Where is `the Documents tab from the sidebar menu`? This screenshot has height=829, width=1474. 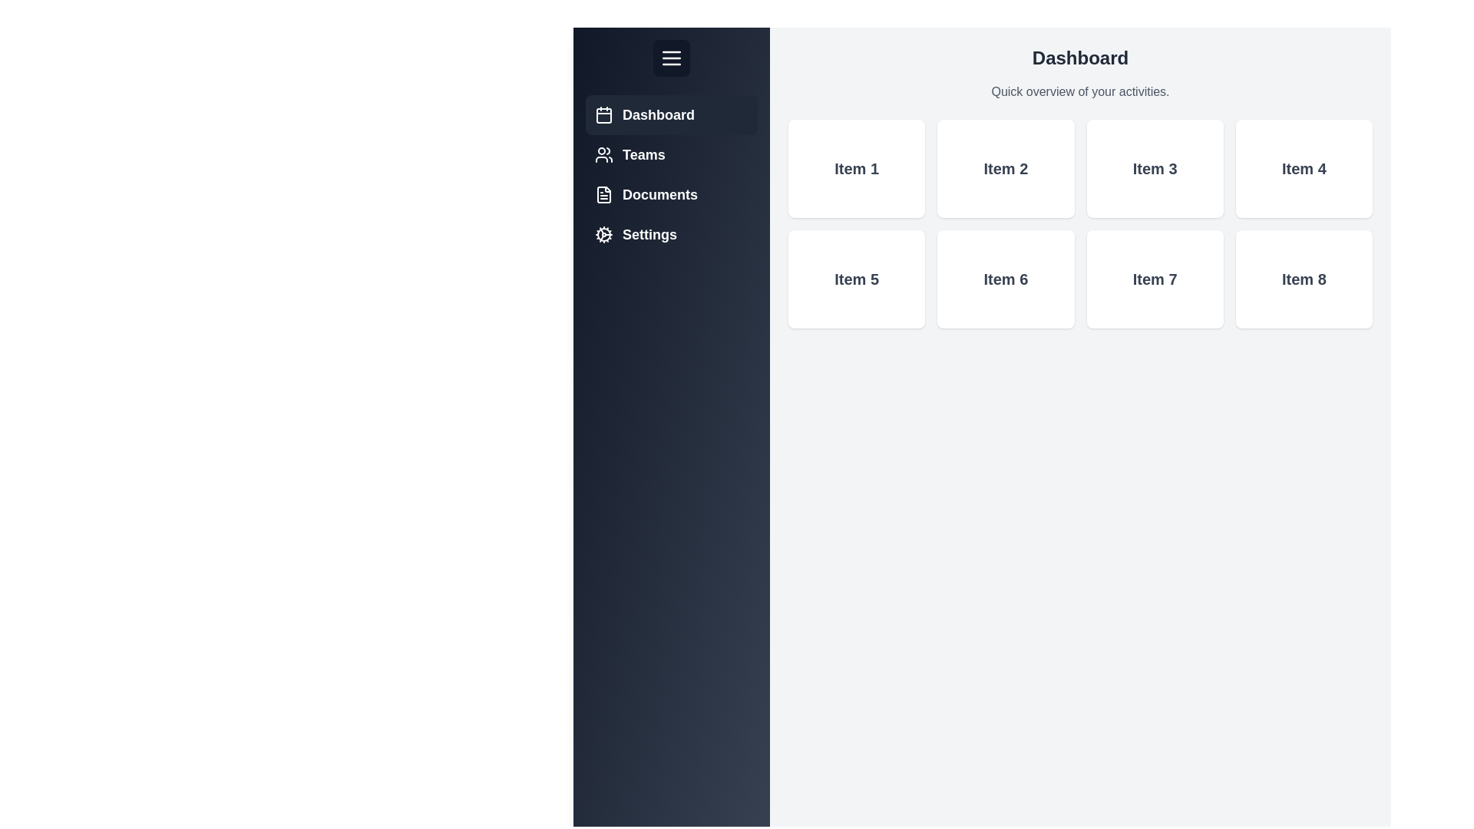
the Documents tab from the sidebar menu is located at coordinates (671, 194).